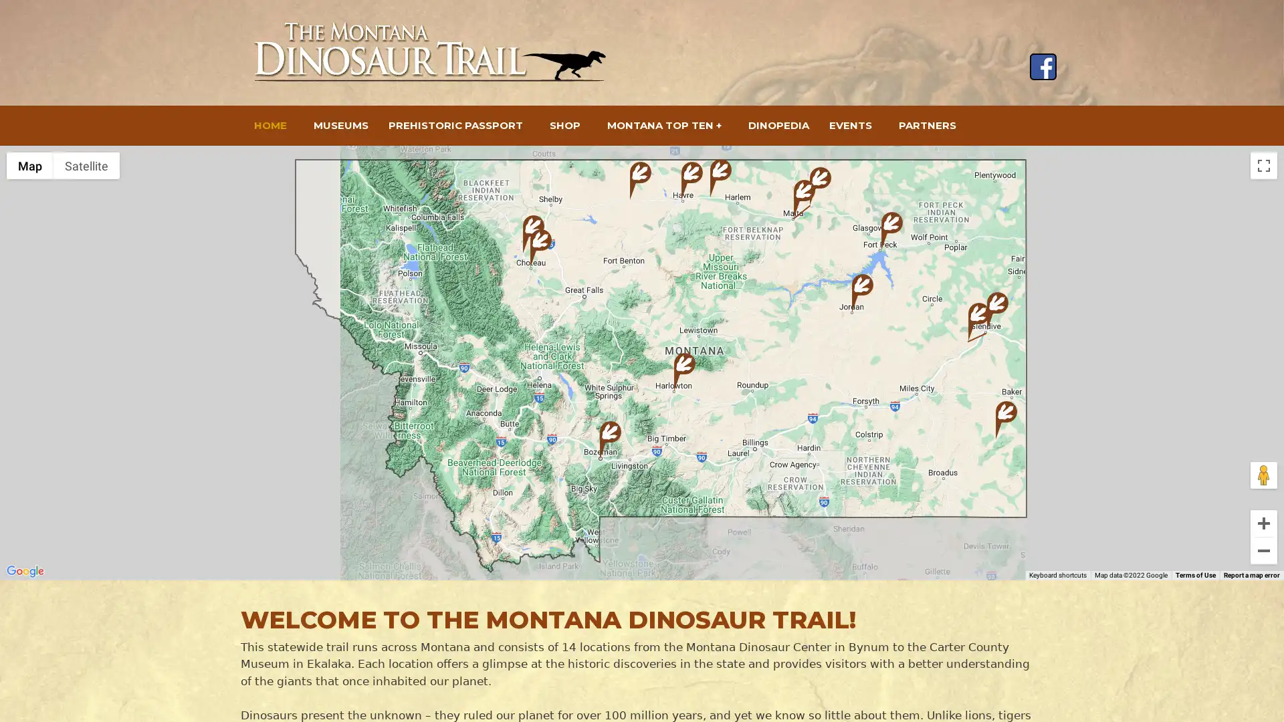 This screenshot has height=722, width=1284. I want to click on Great Plains Dinosaur Museum, so click(804, 199).